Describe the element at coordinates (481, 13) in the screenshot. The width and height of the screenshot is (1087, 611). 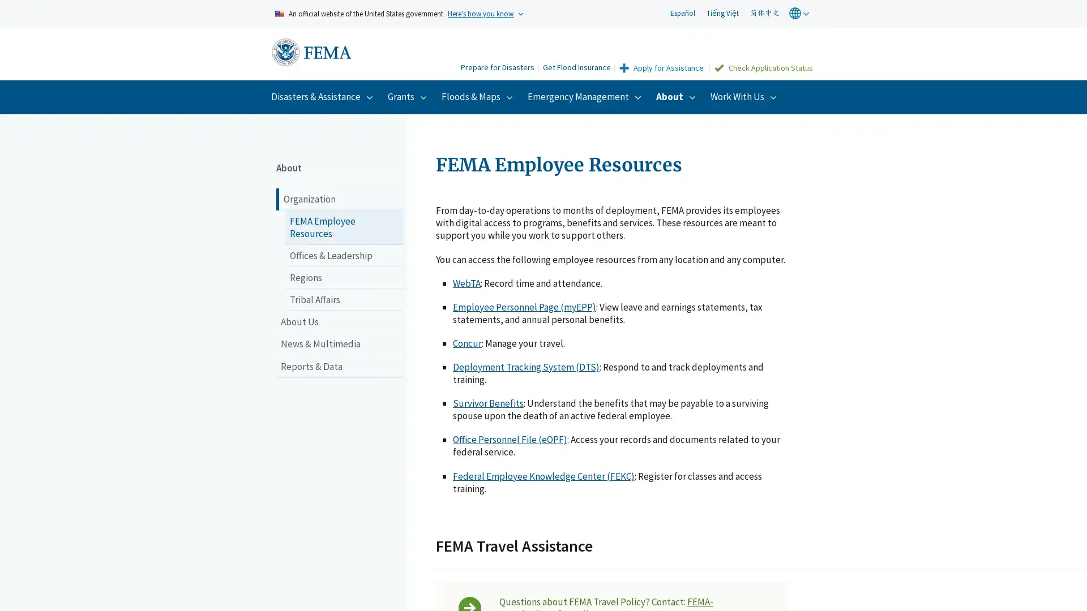
I see `Heres how you know` at that location.